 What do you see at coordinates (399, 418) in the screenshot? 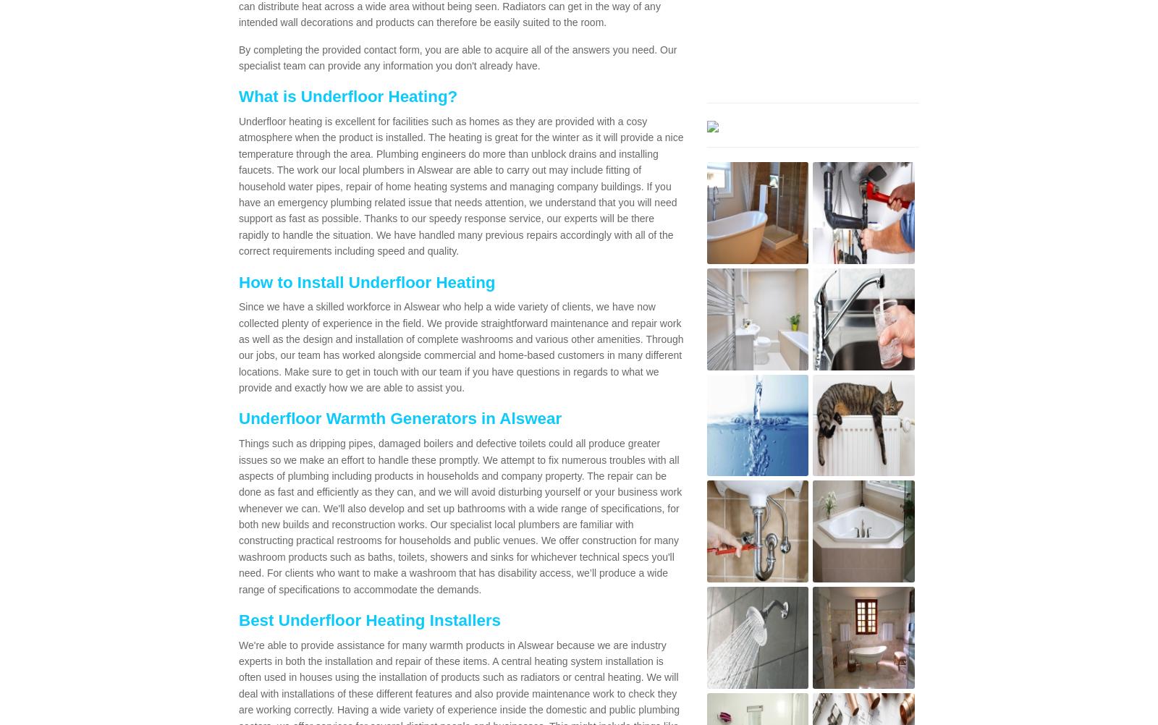
I see `'Underfloor Warmth Generators in Alswear'` at bounding box center [399, 418].